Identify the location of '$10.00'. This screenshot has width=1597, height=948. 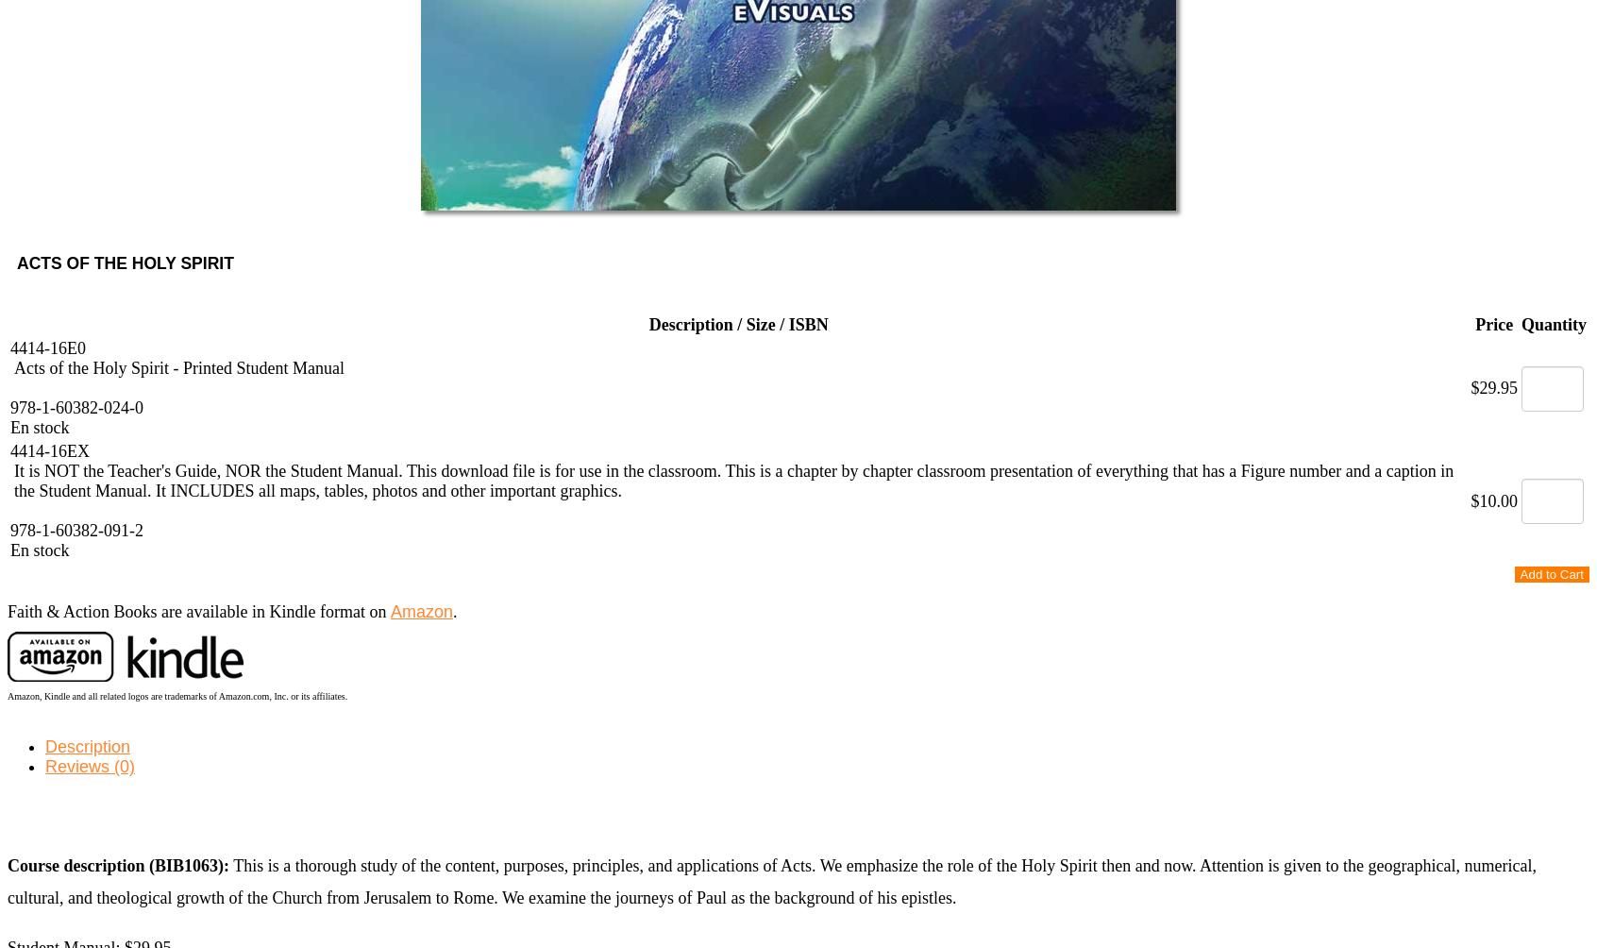
(1492, 500).